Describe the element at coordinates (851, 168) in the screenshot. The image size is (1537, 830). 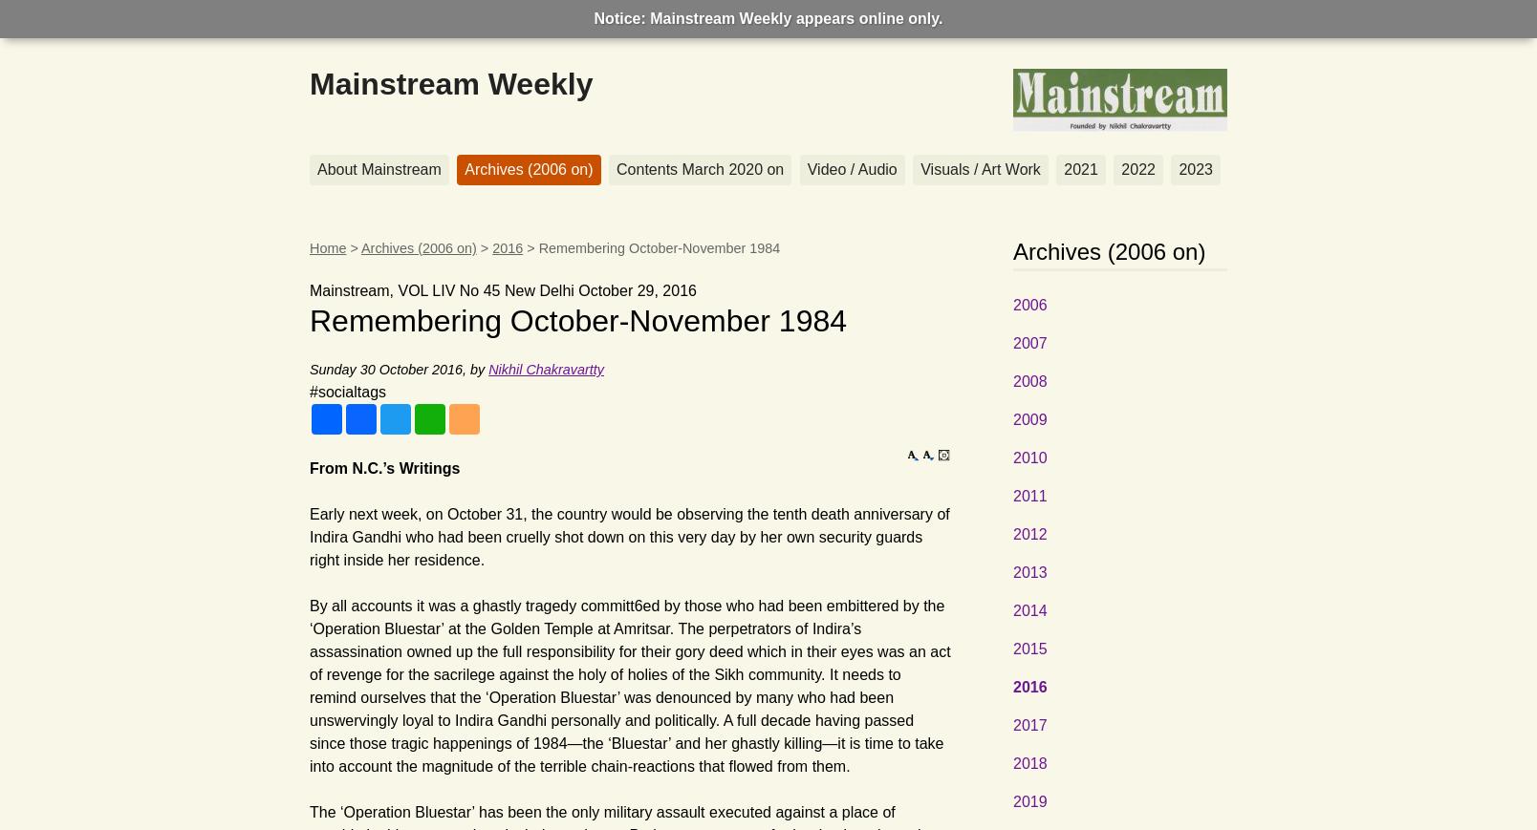
I see `'Video / Audio'` at that location.